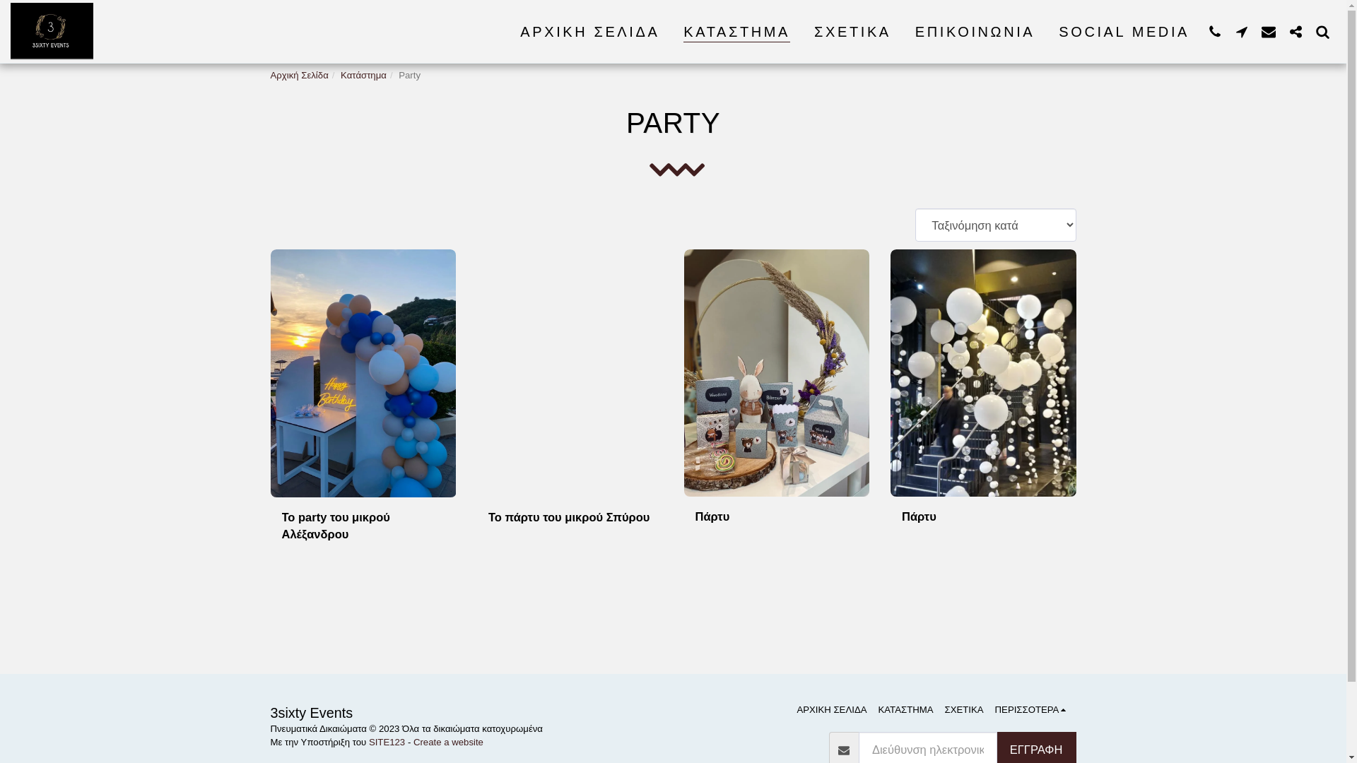  What do you see at coordinates (1240, 31) in the screenshot?
I see `' '` at bounding box center [1240, 31].